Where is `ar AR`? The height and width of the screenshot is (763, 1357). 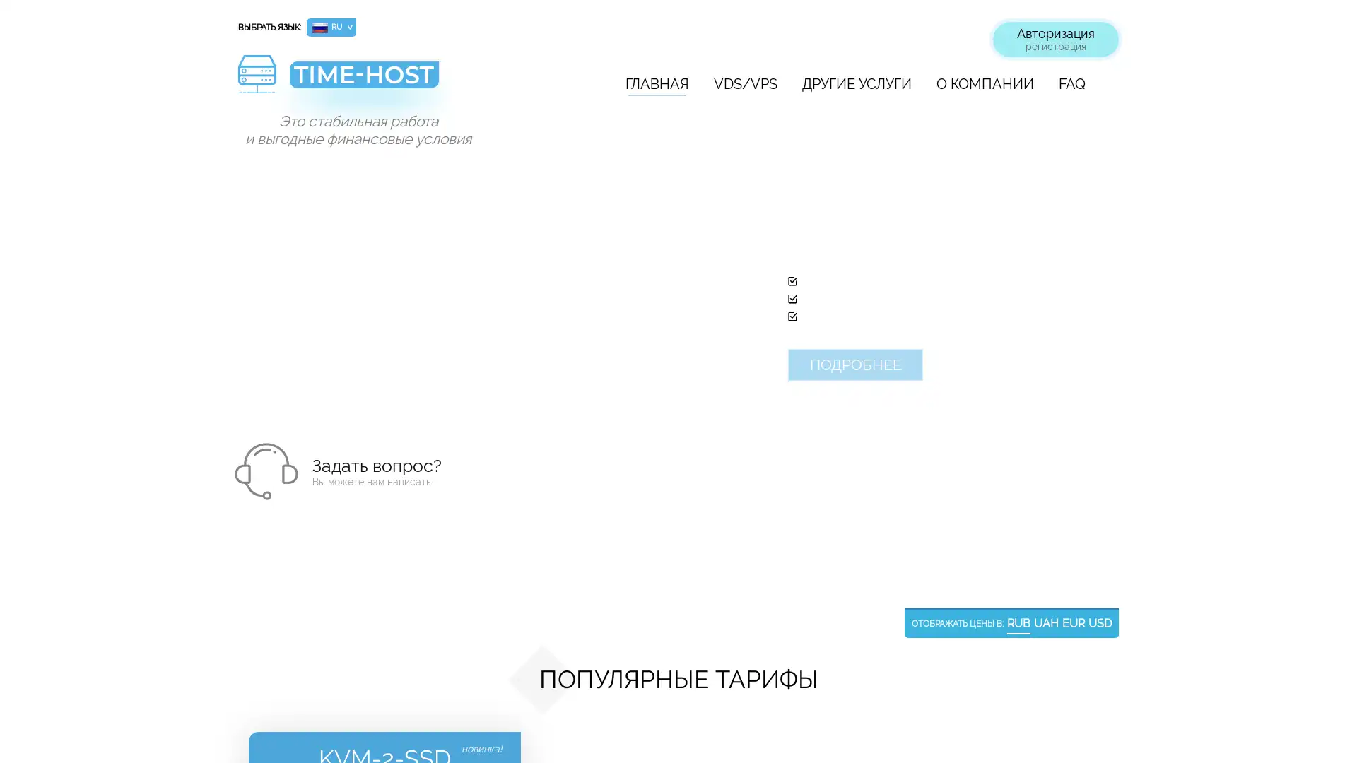
ar AR is located at coordinates (331, 173).